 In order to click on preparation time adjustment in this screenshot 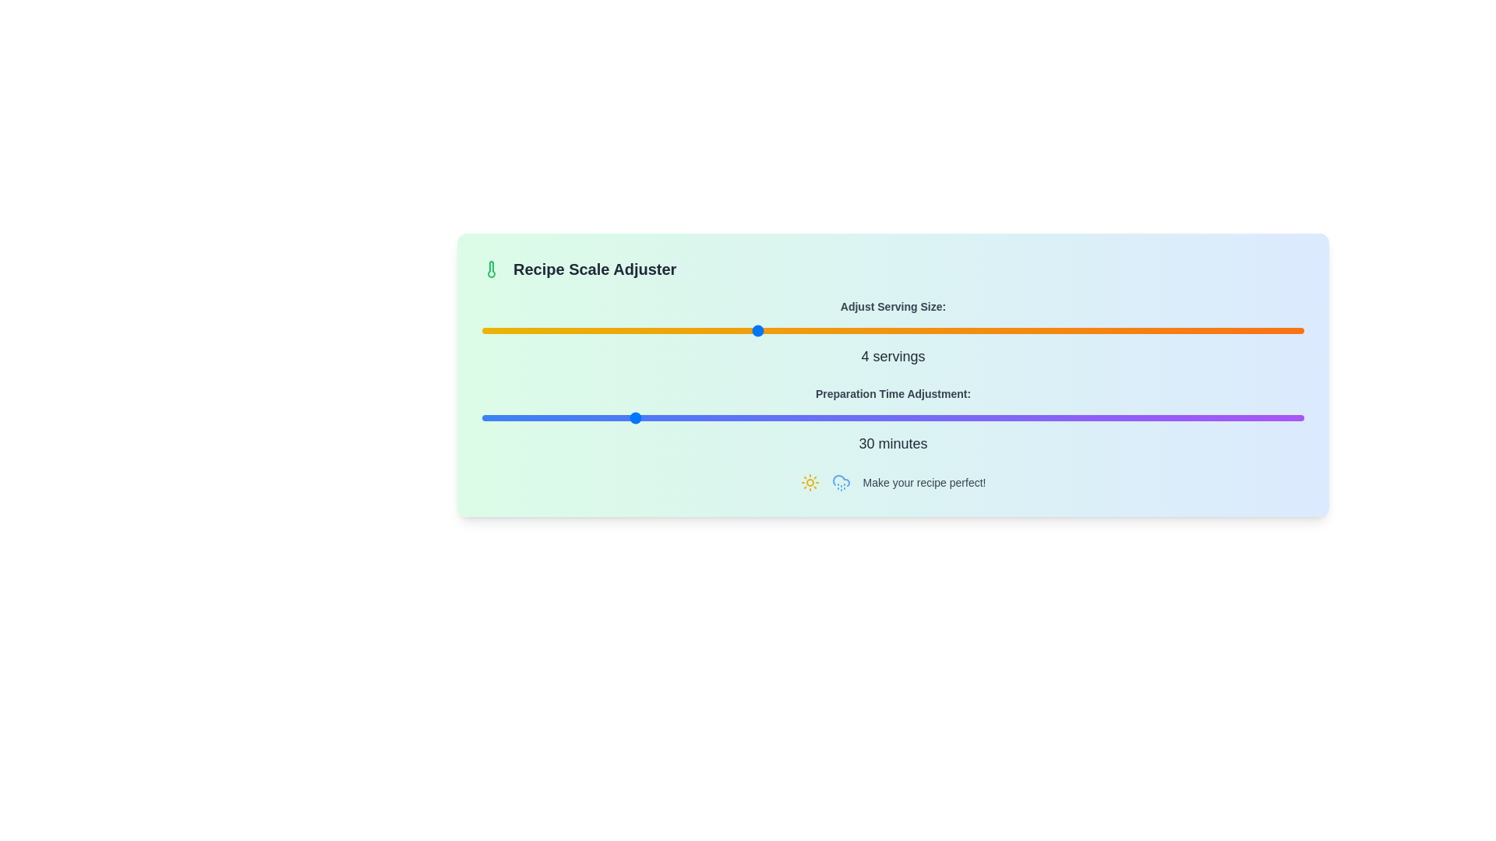, I will do `click(959, 417)`.